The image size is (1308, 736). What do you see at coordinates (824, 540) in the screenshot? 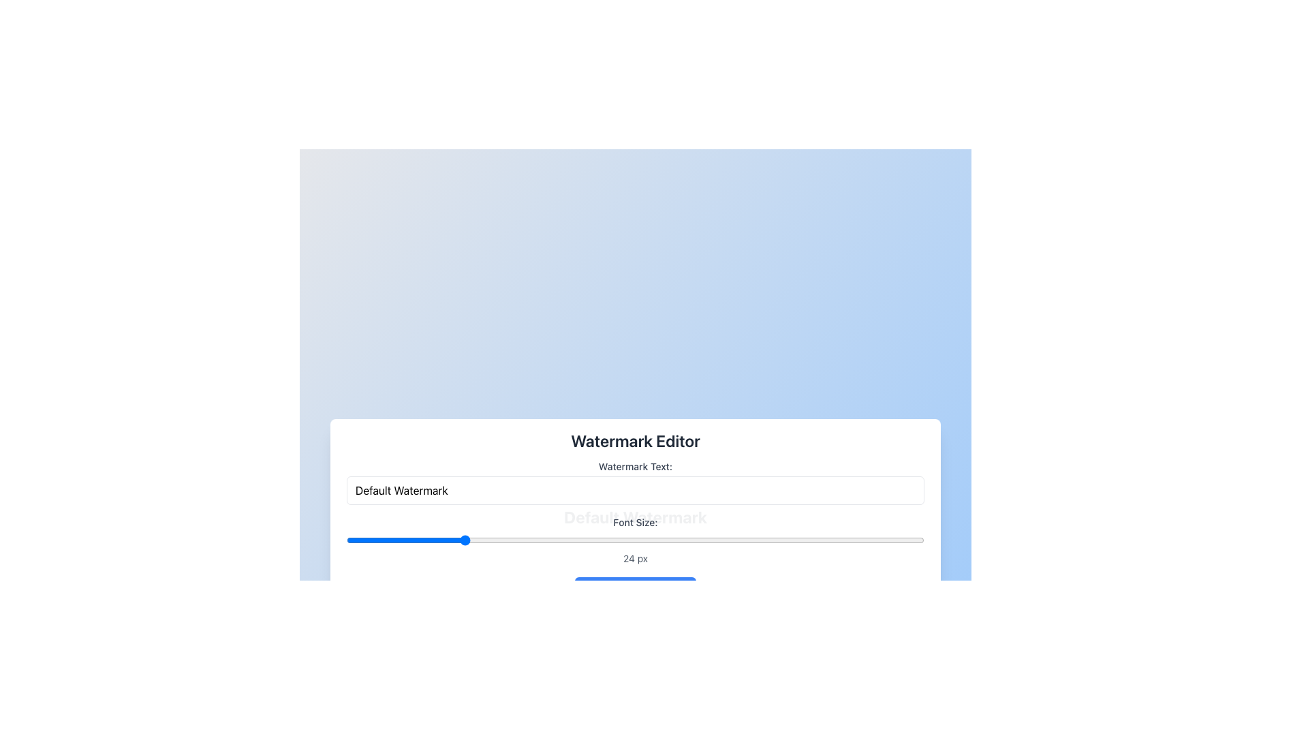
I see `the font size` at bounding box center [824, 540].